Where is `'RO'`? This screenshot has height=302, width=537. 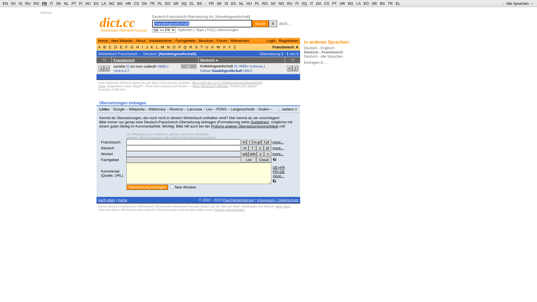 'RO' is located at coordinates (262, 3).